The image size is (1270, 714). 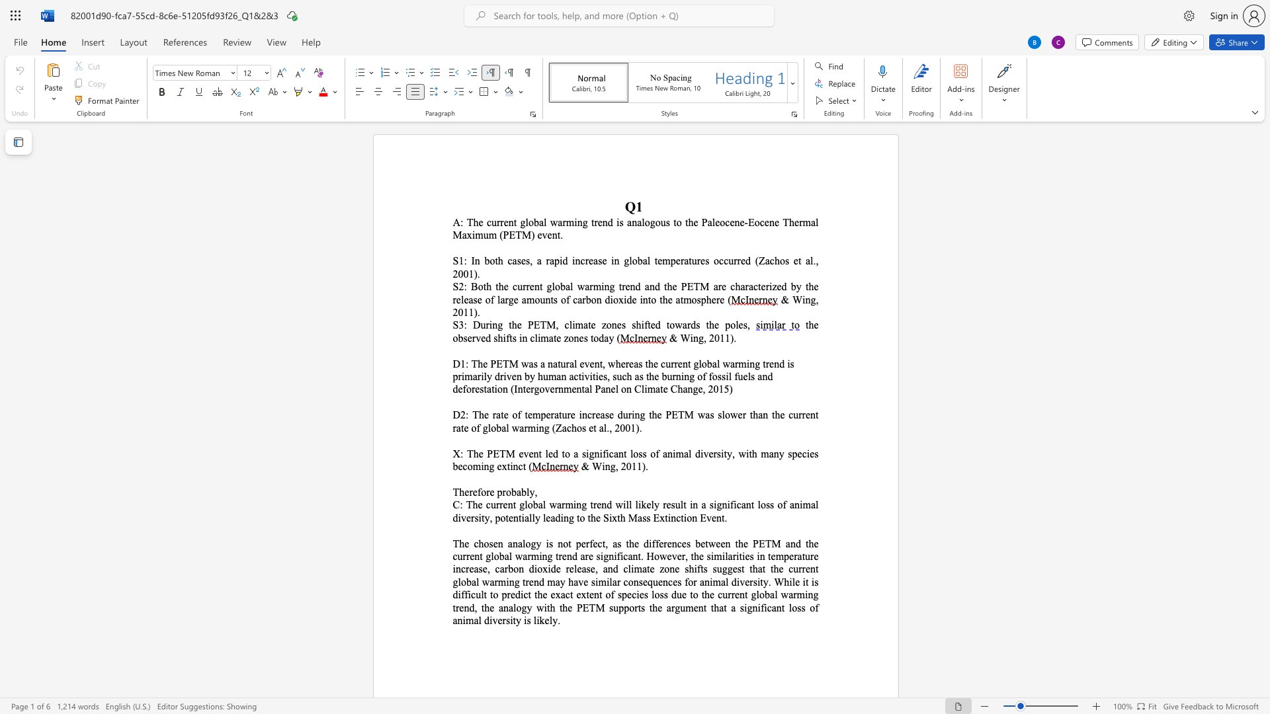 I want to click on the space between the continuous character "W" and "i" in the text, so click(x=688, y=337).